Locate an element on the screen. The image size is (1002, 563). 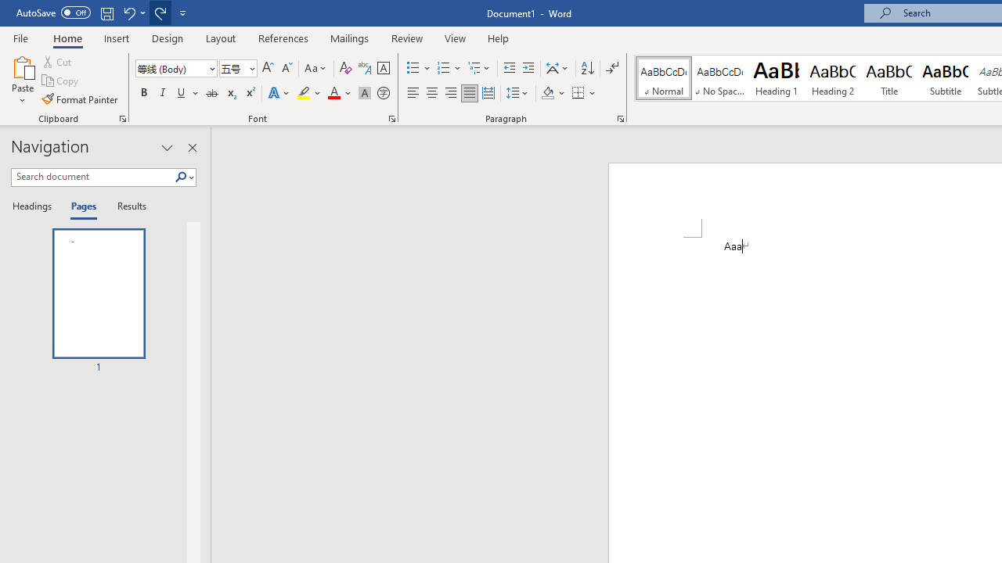
'Clear Formatting' is located at coordinates (345, 67).